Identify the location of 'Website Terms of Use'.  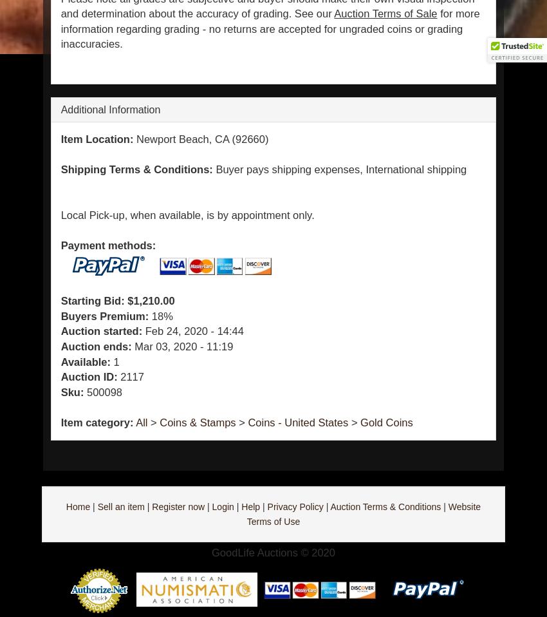
(363, 514).